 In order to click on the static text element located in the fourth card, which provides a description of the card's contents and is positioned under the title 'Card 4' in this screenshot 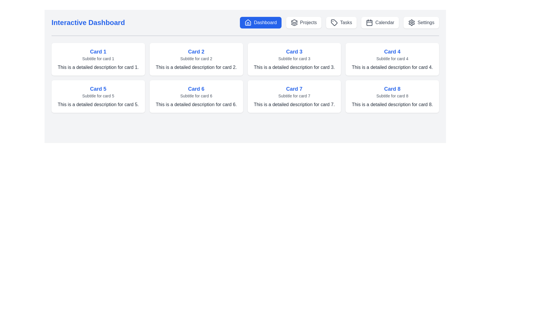, I will do `click(392, 67)`.